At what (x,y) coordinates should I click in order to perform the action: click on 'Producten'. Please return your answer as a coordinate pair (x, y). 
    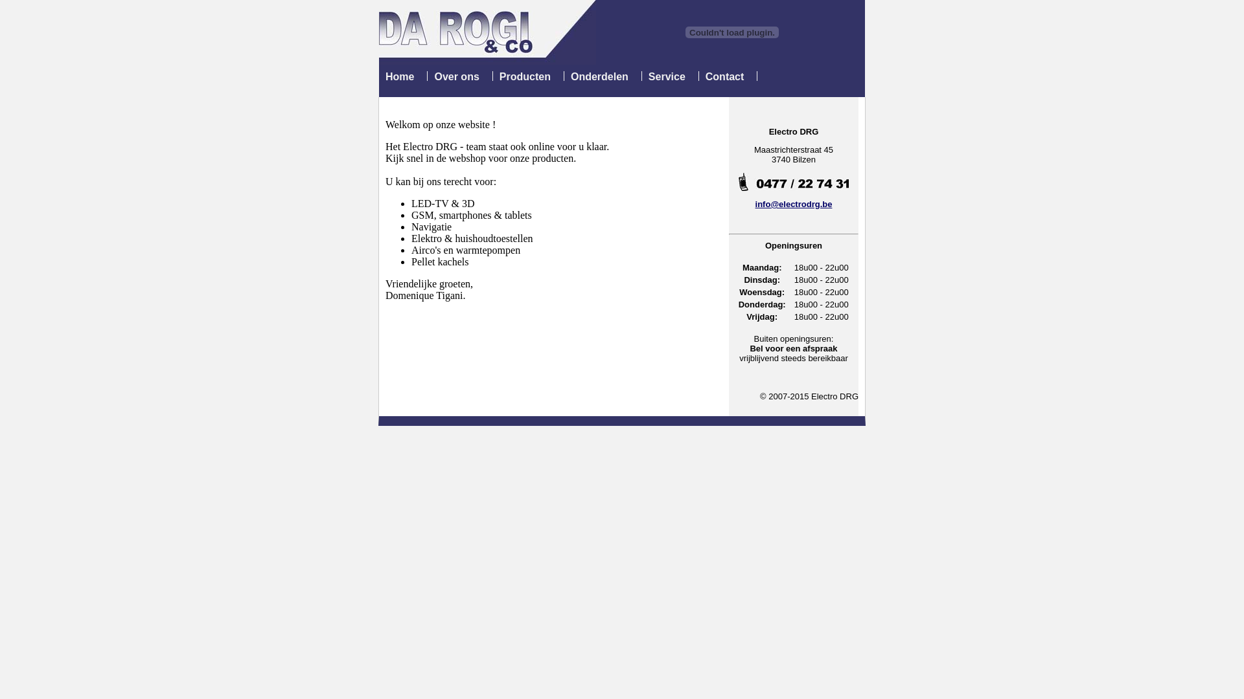
    Looking at the image, I should click on (499, 76).